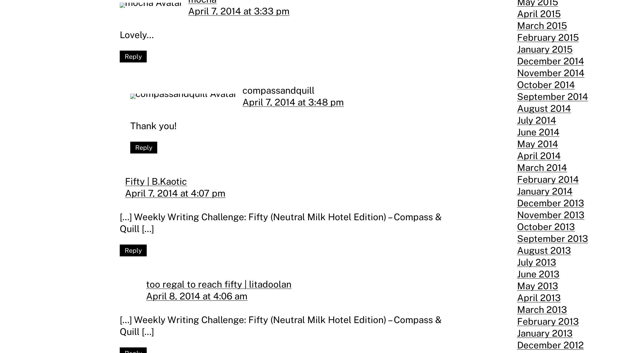 The height and width of the screenshot is (353, 625). I want to click on 'December 2012', so click(516, 345).